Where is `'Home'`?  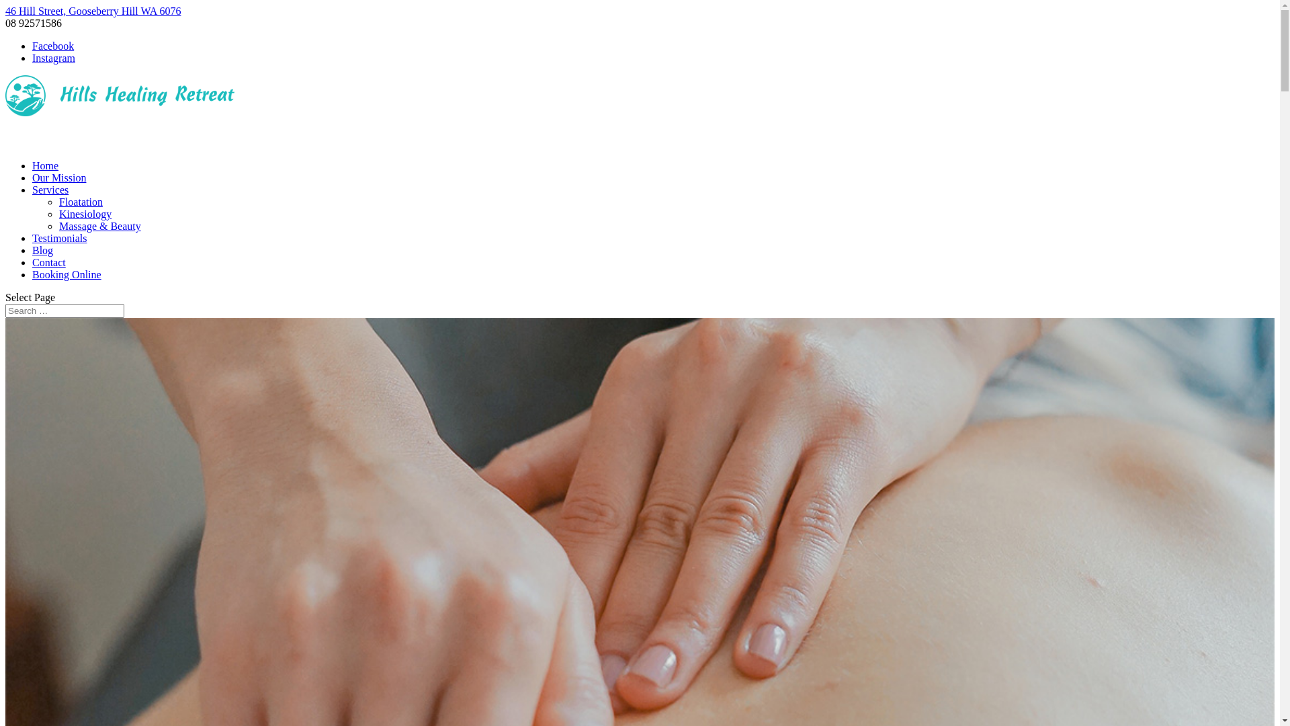 'Home' is located at coordinates (32, 171).